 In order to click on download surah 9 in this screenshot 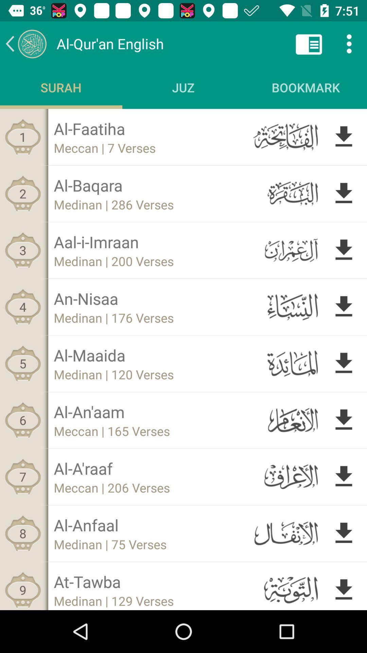, I will do `click(344, 588)`.